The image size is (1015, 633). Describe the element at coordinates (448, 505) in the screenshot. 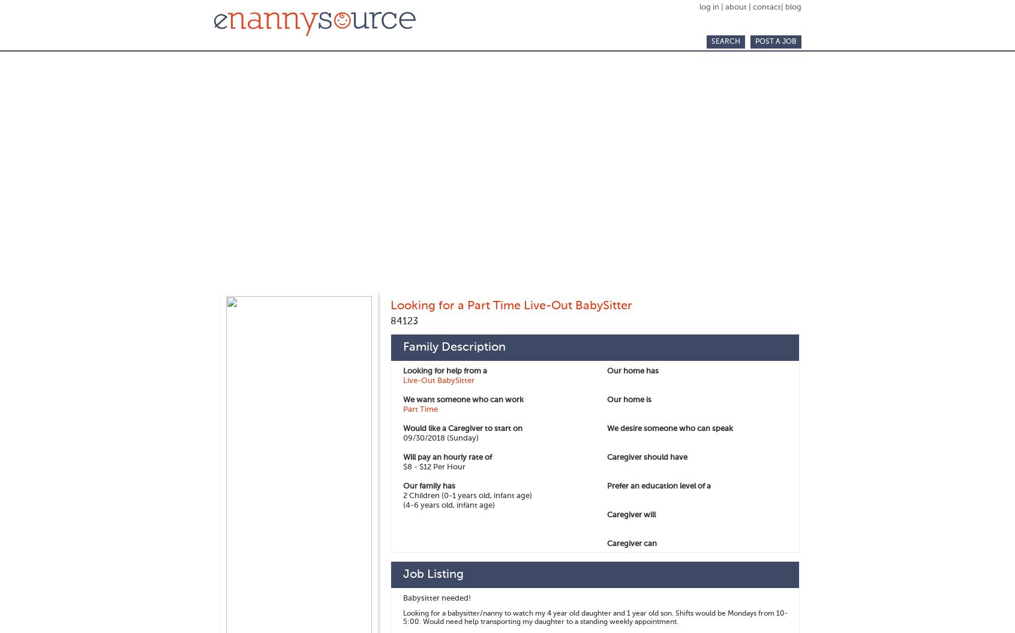

I see `'(4-6 years old, infant age)'` at that location.